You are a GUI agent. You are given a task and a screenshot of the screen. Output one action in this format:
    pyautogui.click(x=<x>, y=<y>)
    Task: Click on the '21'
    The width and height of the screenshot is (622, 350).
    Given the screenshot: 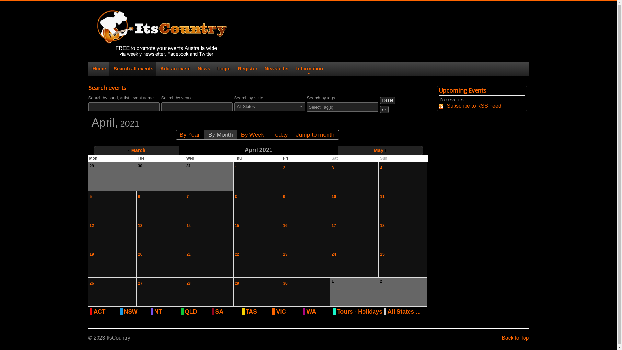 What is the action you would take?
    pyautogui.click(x=188, y=254)
    